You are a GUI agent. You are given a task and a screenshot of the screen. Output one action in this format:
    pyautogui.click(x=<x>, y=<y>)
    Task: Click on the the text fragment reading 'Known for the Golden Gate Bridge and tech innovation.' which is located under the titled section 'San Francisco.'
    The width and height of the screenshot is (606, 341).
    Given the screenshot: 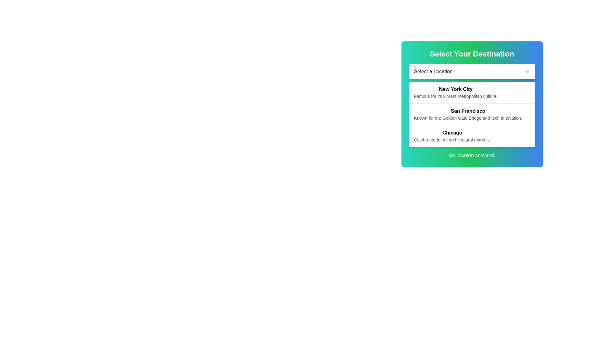 What is the action you would take?
    pyautogui.click(x=468, y=118)
    